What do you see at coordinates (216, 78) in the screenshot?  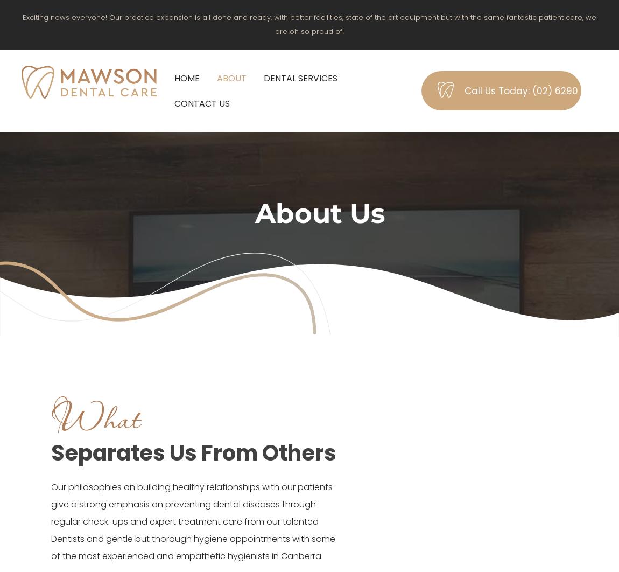 I see `'About'` at bounding box center [216, 78].